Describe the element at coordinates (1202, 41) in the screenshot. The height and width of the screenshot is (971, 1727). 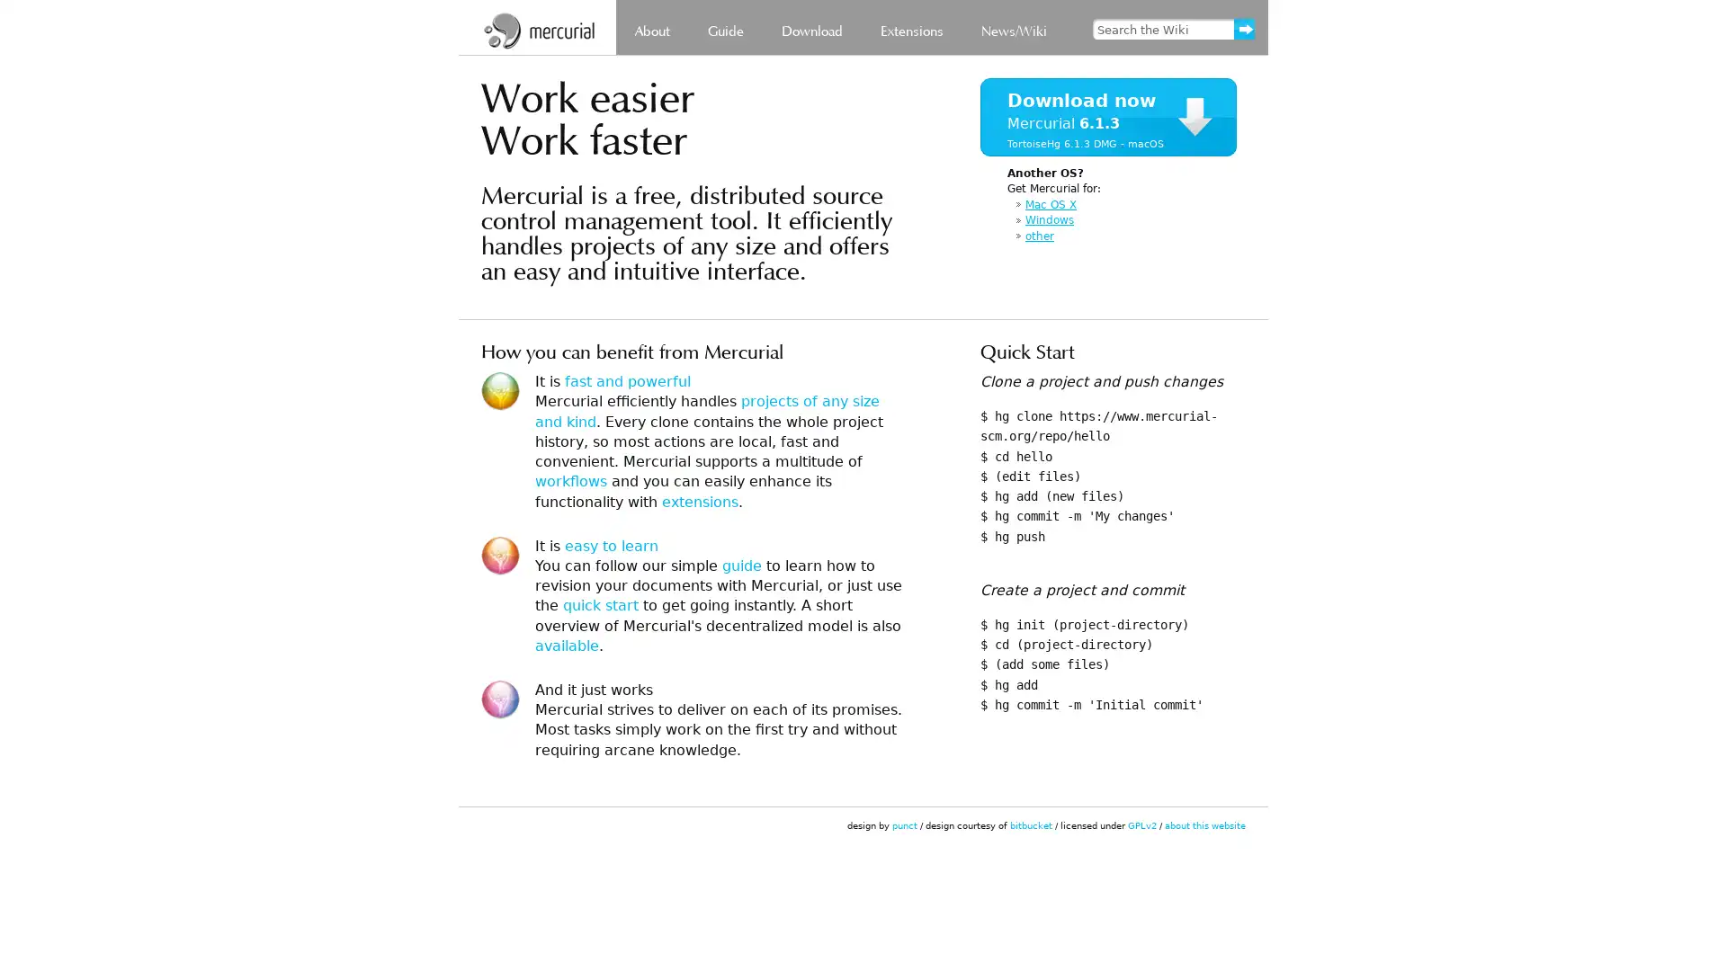
I see `Title` at that location.